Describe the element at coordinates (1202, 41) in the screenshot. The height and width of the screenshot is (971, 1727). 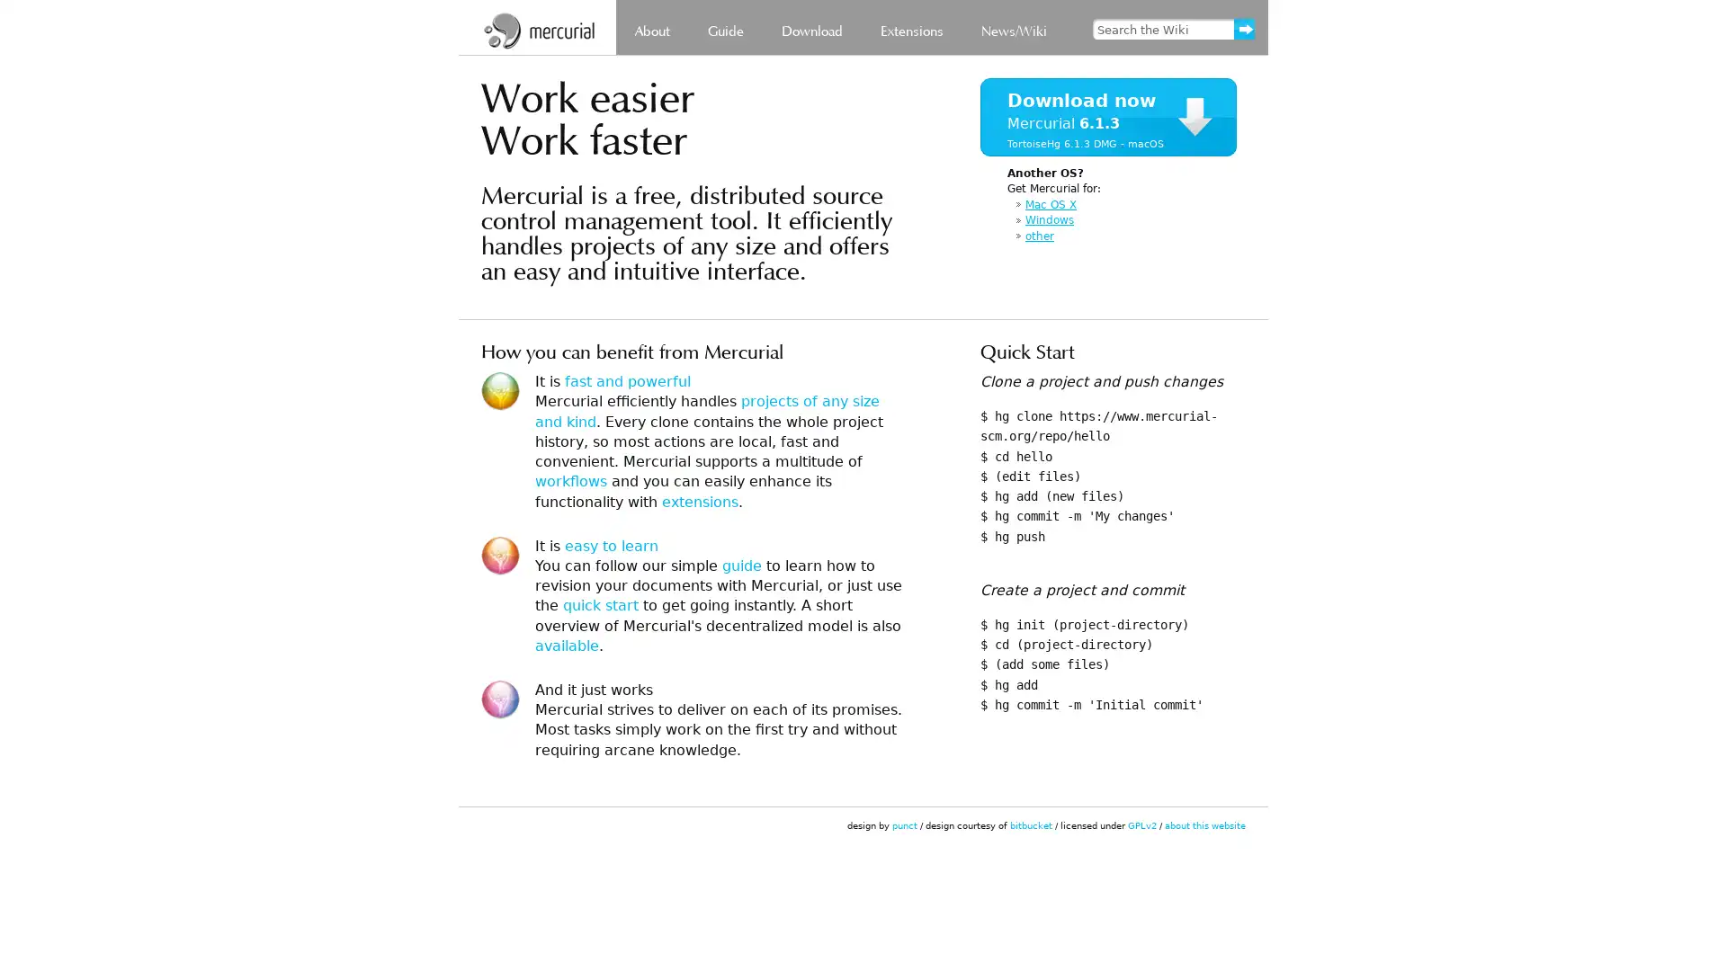
I see `Title` at that location.